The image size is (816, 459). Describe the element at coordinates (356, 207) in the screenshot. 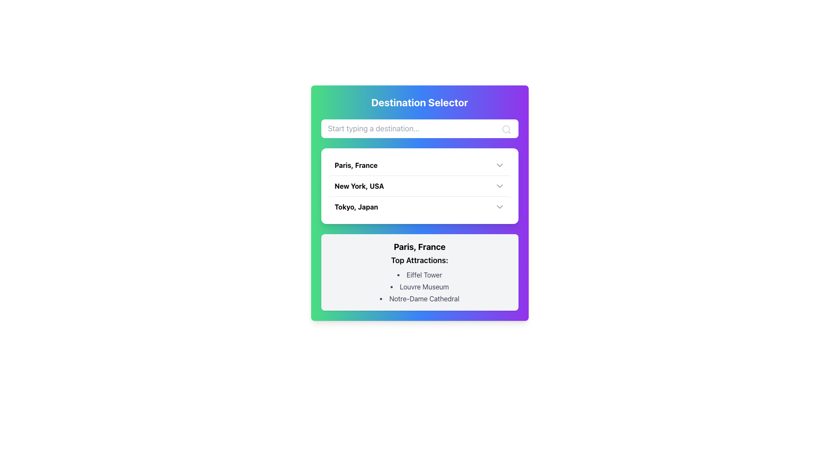

I see `the Text Label representing 'Tokyo, Japan', which is centrally located below 'New York, USA' and above the details for 'Paris, France'` at that location.